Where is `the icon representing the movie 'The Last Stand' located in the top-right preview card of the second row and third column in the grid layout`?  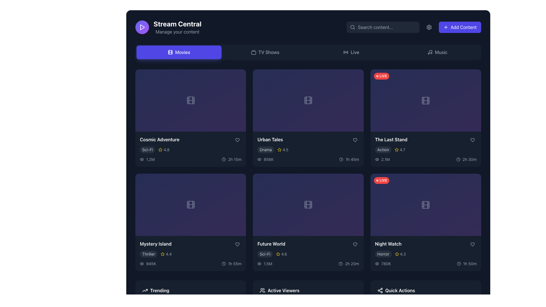 the icon representing the movie 'The Last Stand' located in the top-right preview card of the second row and third column in the grid layout is located at coordinates (426, 100).